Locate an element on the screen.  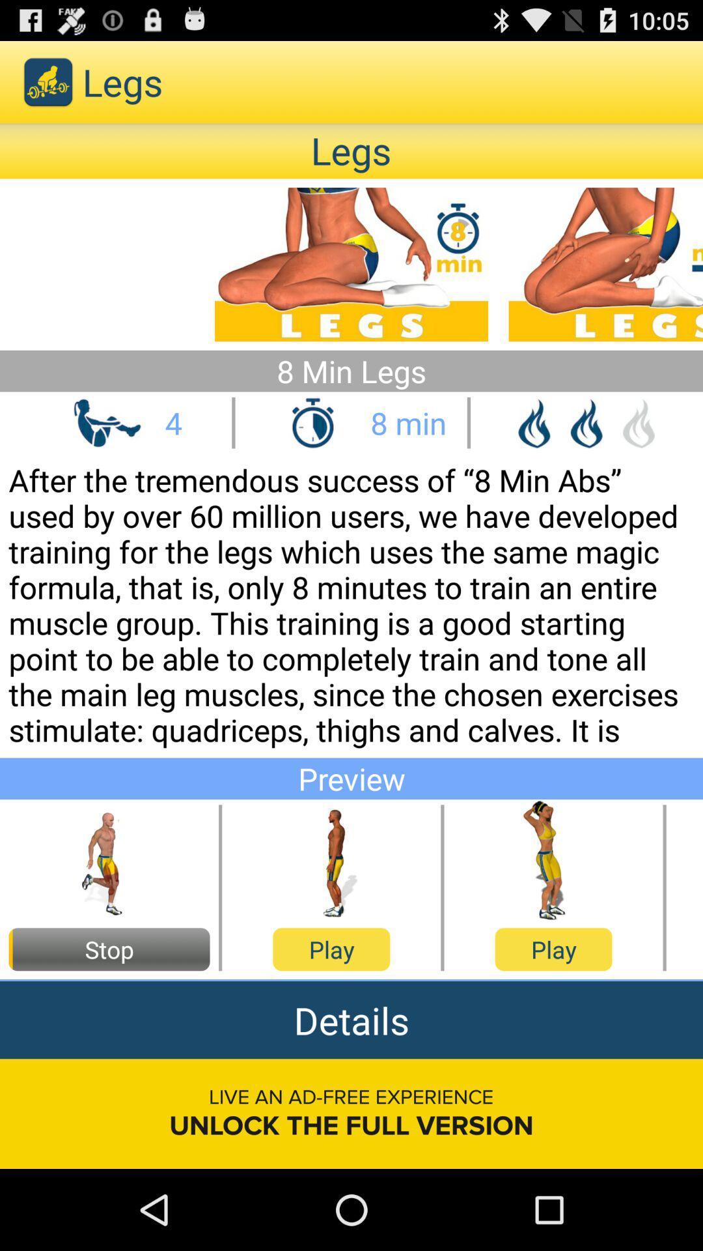
plays the preview of the running action is located at coordinates (109, 861).